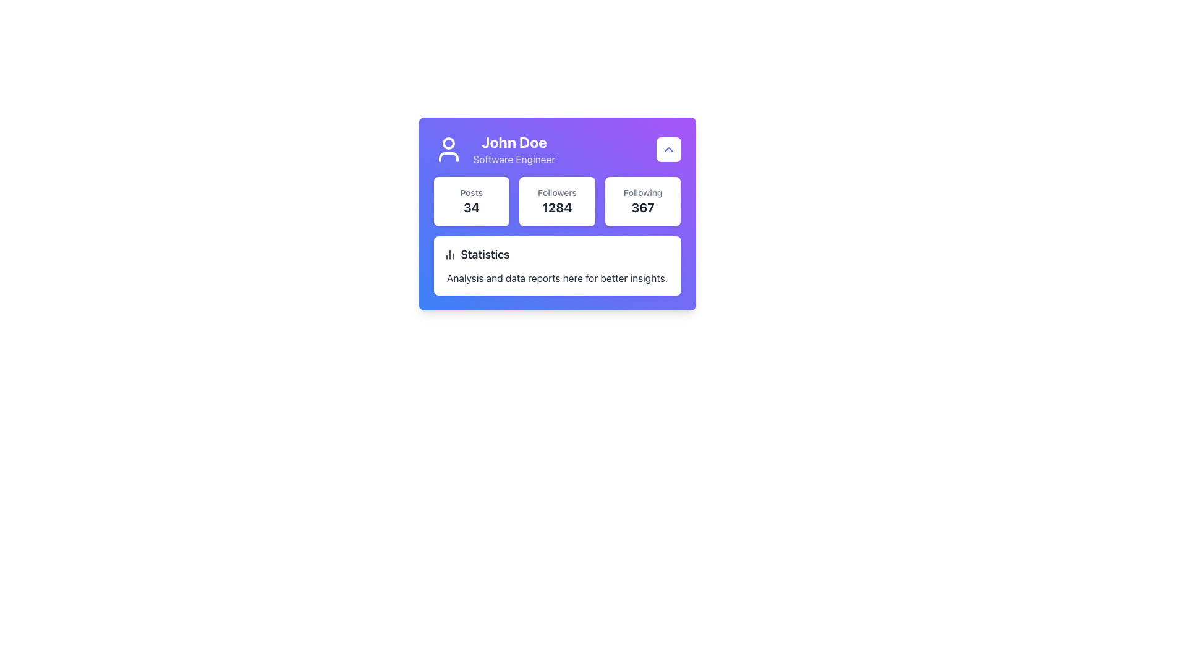 The width and height of the screenshot is (1187, 668). What do you see at coordinates (556, 265) in the screenshot?
I see `the informational panel located at the bottom section of the card layout, beneath the statistics boxes labeled 'Posts', 'Followers', and 'Following'` at bounding box center [556, 265].